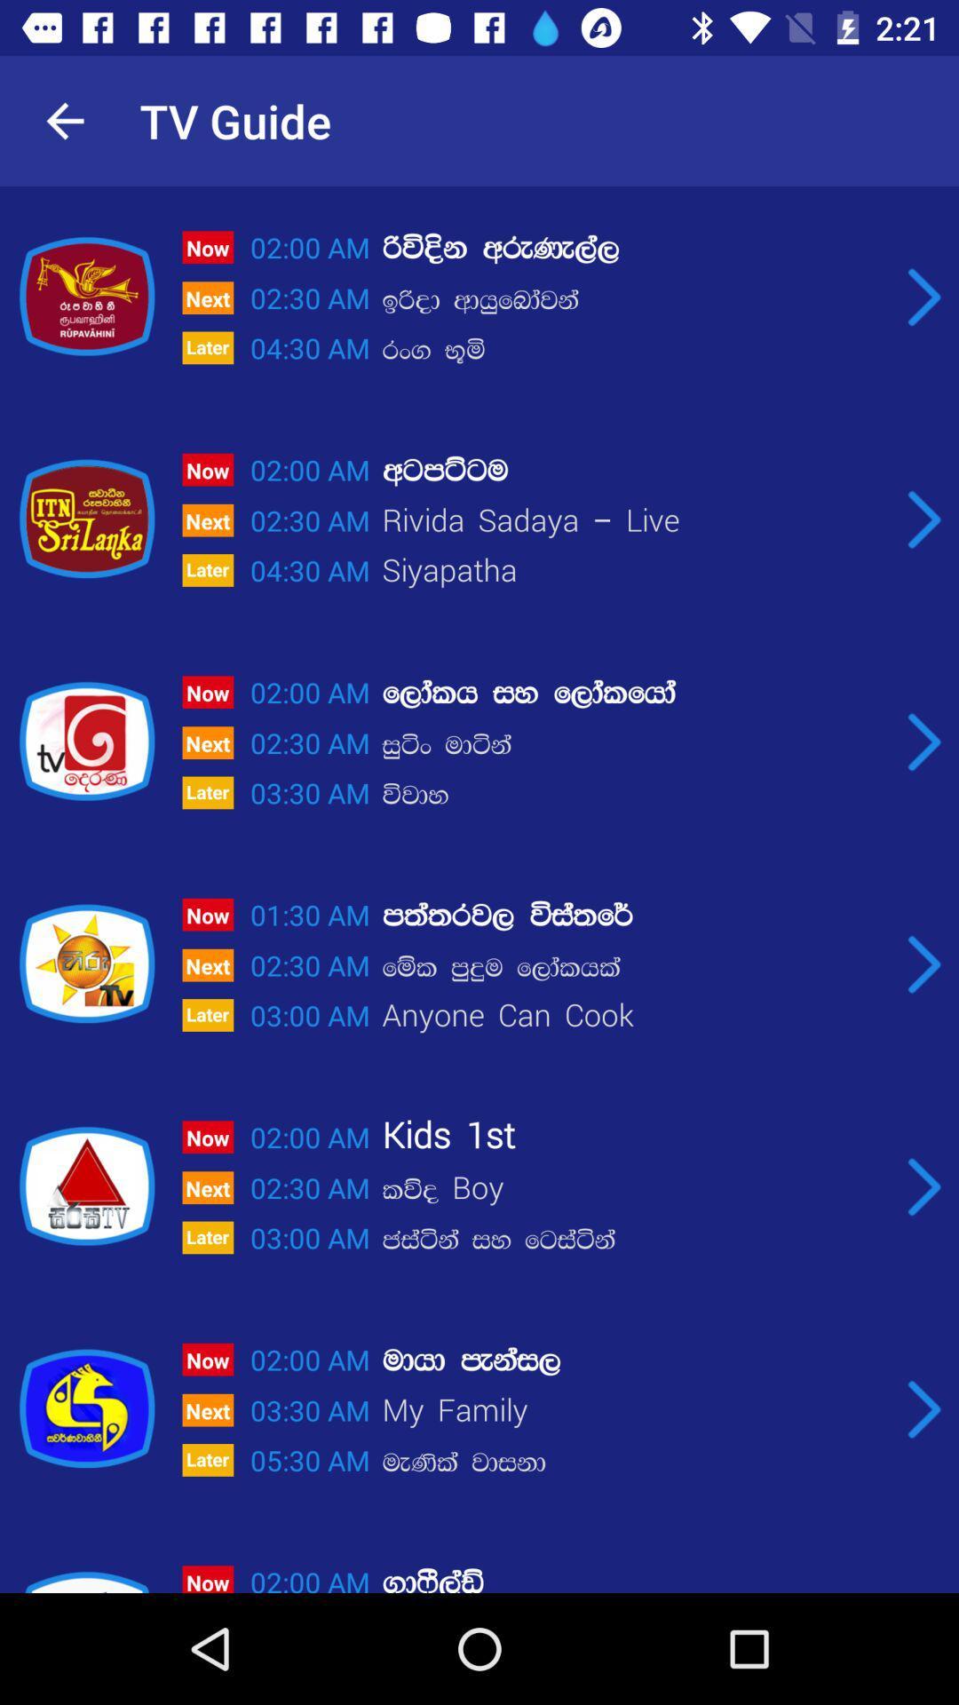 The height and width of the screenshot is (1705, 959). What do you see at coordinates (634, 247) in the screenshot?
I see `icon to the right of the 02:00 am icon` at bounding box center [634, 247].